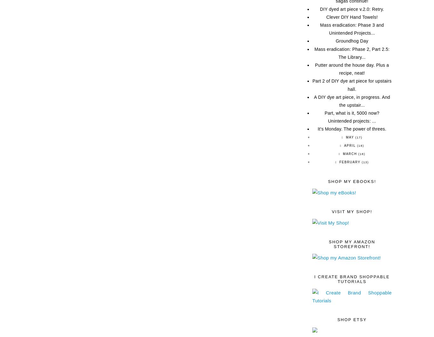  What do you see at coordinates (324, 117) in the screenshot?
I see `'Part, what is it, 5000 now?  Unintended projects: ...'` at bounding box center [324, 117].